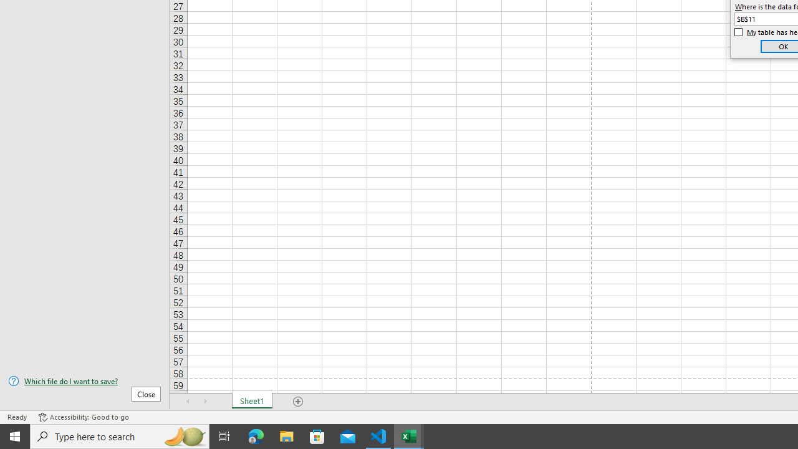  What do you see at coordinates (84, 380) in the screenshot?
I see `'Which file do I want to save?'` at bounding box center [84, 380].